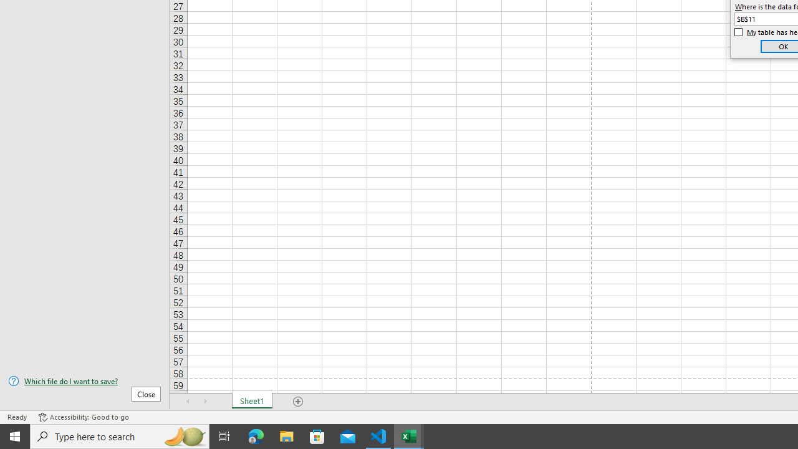  What do you see at coordinates (84, 380) in the screenshot?
I see `'Which file do I want to save?'` at bounding box center [84, 380].